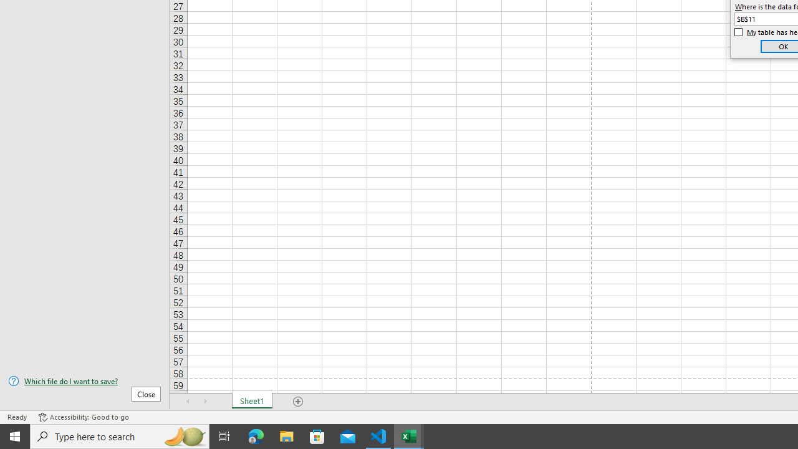  What do you see at coordinates (84, 380) in the screenshot?
I see `'Which file do I want to save?'` at bounding box center [84, 380].